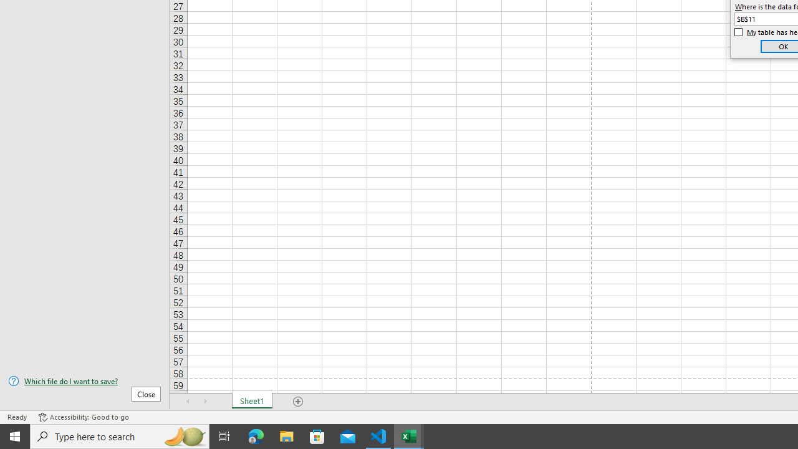  What do you see at coordinates (84, 380) in the screenshot?
I see `'Which file do I want to save?'` at bounding box center [84, 380].